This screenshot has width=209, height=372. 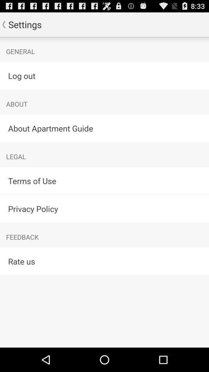 I want to click on about apartment guide icon, so click(x=104, y=128).